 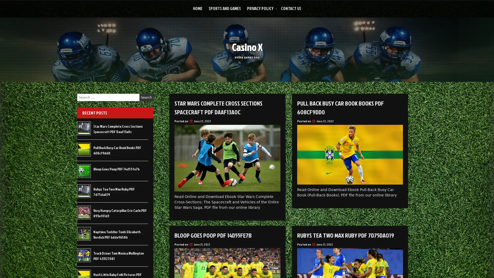 What do you see at coordinates (146, 97) in the screenshot?
I see `Search` at bounding box center [146, 97].